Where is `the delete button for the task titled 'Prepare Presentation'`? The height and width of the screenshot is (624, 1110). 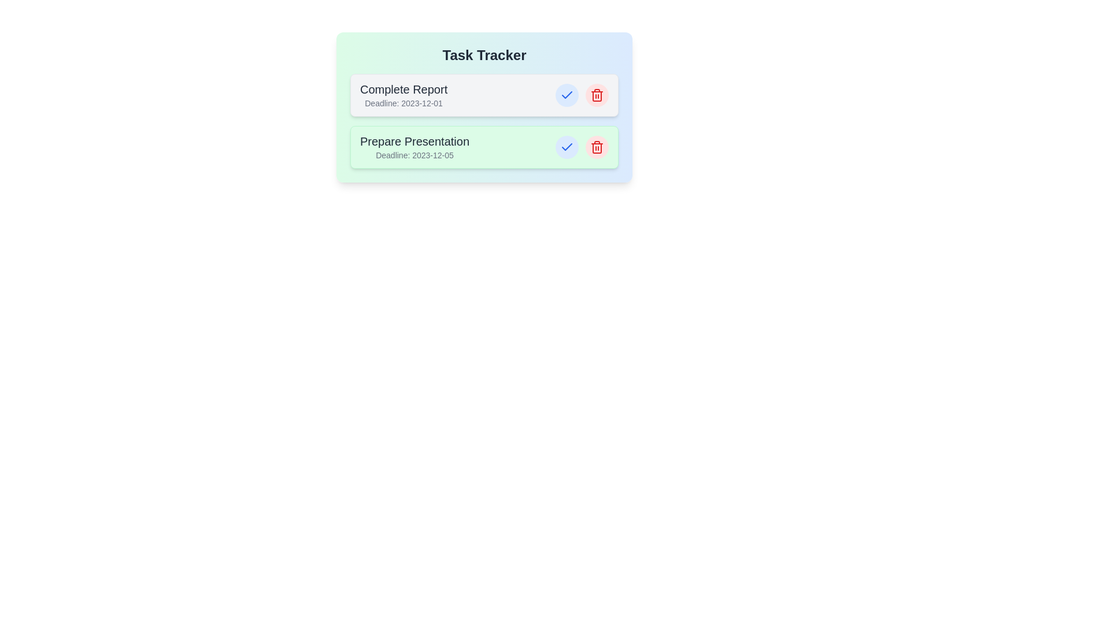 the delete button for the task titled 'Prepare Presentation' is located at coordinates (597, 146).